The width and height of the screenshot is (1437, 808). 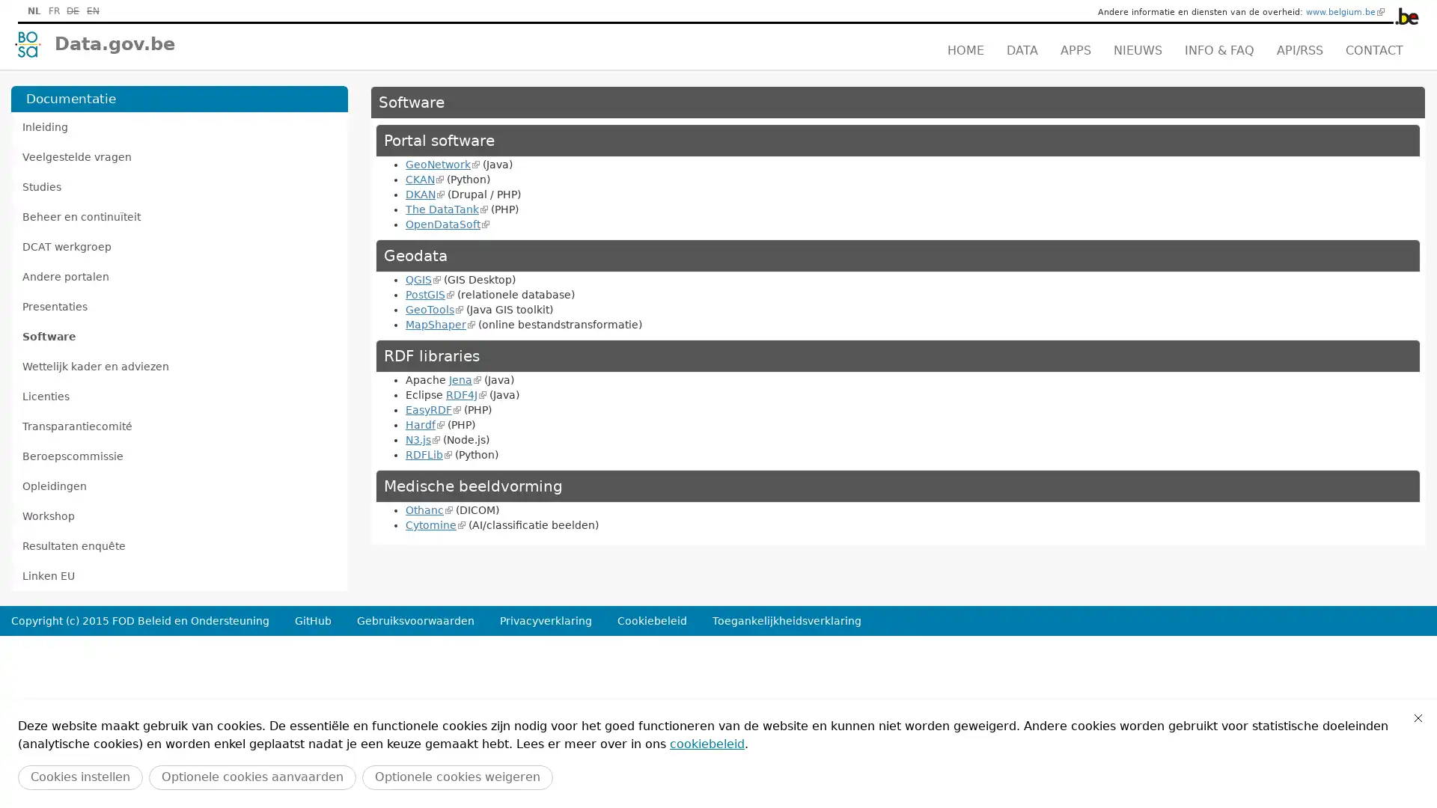 I want to click on Optionele cookies weigeren, so click(x=457, y=777).